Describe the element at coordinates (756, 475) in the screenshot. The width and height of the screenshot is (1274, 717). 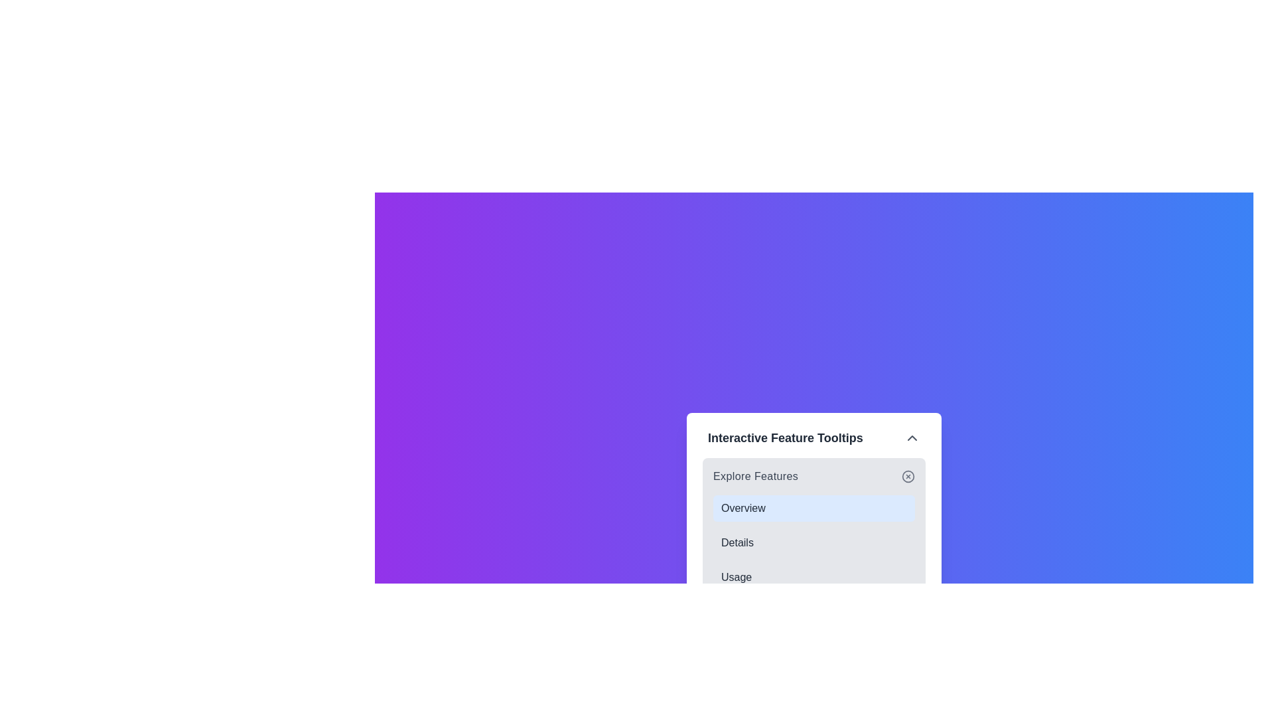
I see `the text element 'Explore Features' which is styled in gray color and located below the title 'Interactive Feature Tooltips'` at that location.